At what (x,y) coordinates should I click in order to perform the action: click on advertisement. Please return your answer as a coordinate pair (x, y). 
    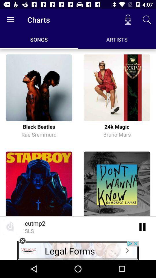
    Looking at the image, I should click on (78, 250).